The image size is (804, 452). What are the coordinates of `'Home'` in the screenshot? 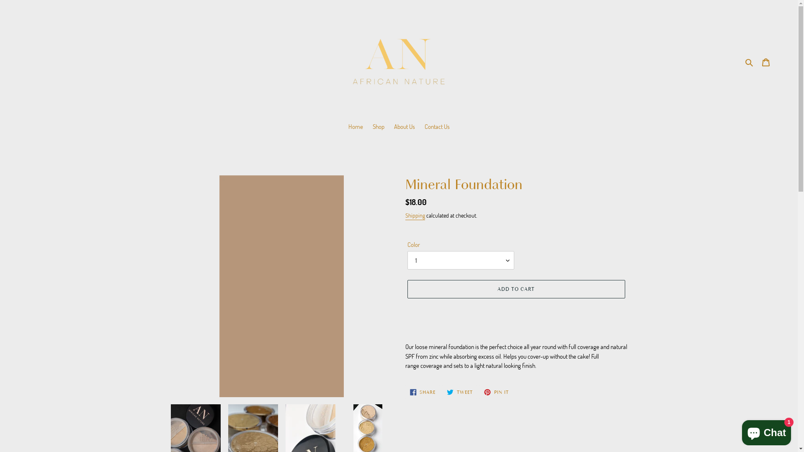 It's located at (356, 127).